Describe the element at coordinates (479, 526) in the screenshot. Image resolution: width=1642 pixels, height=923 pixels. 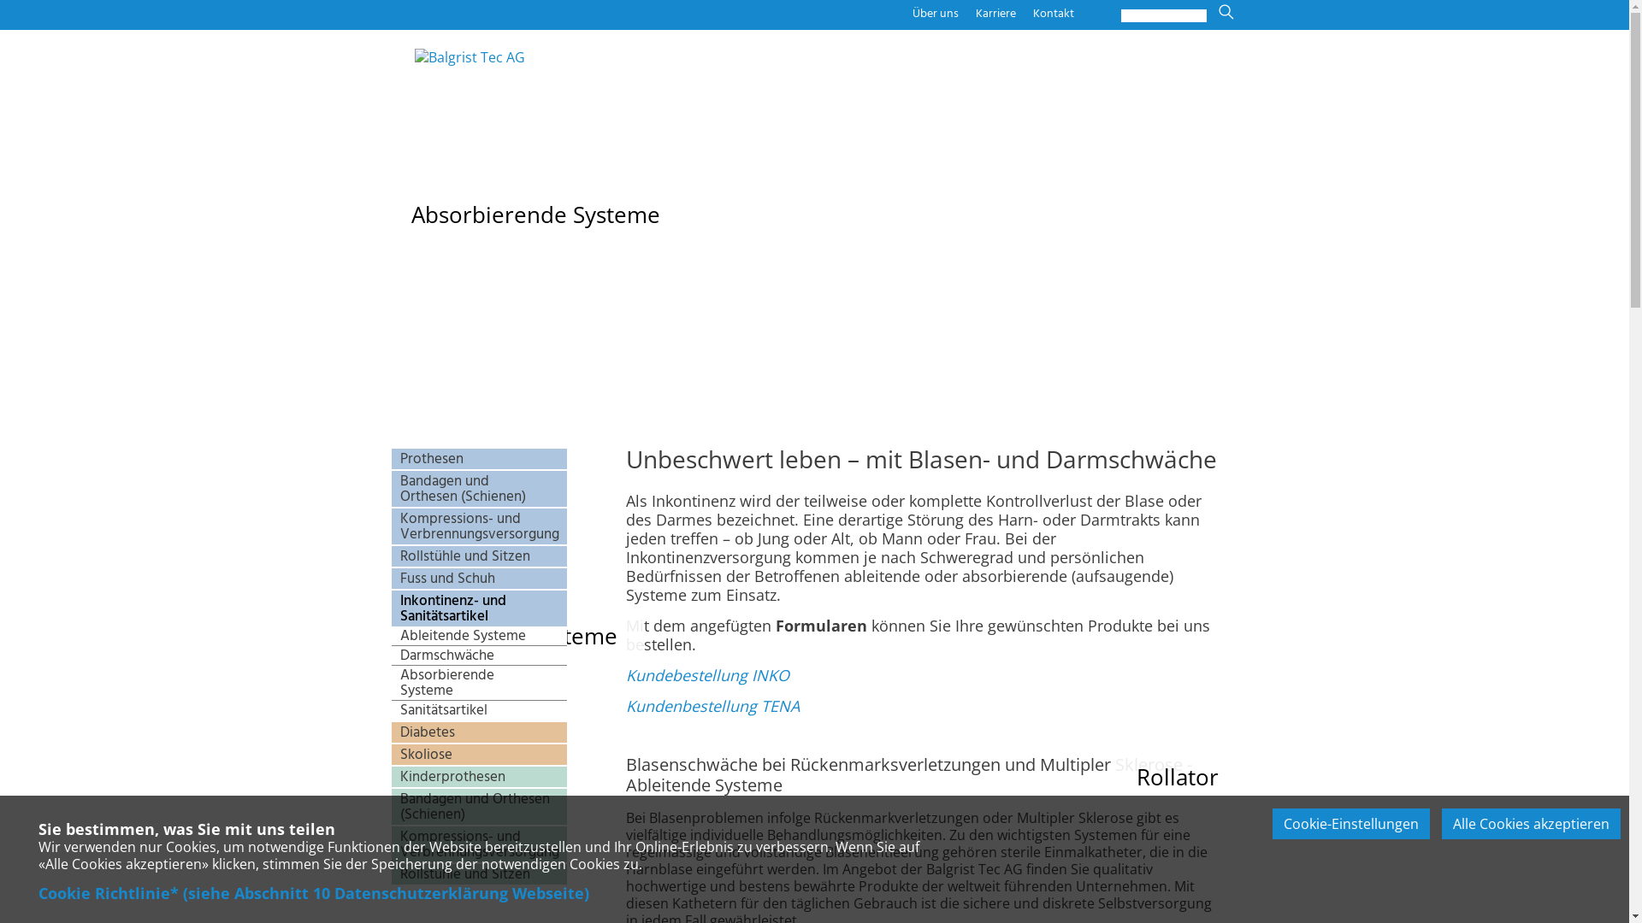
I see `'Kompressions- und` at that location.